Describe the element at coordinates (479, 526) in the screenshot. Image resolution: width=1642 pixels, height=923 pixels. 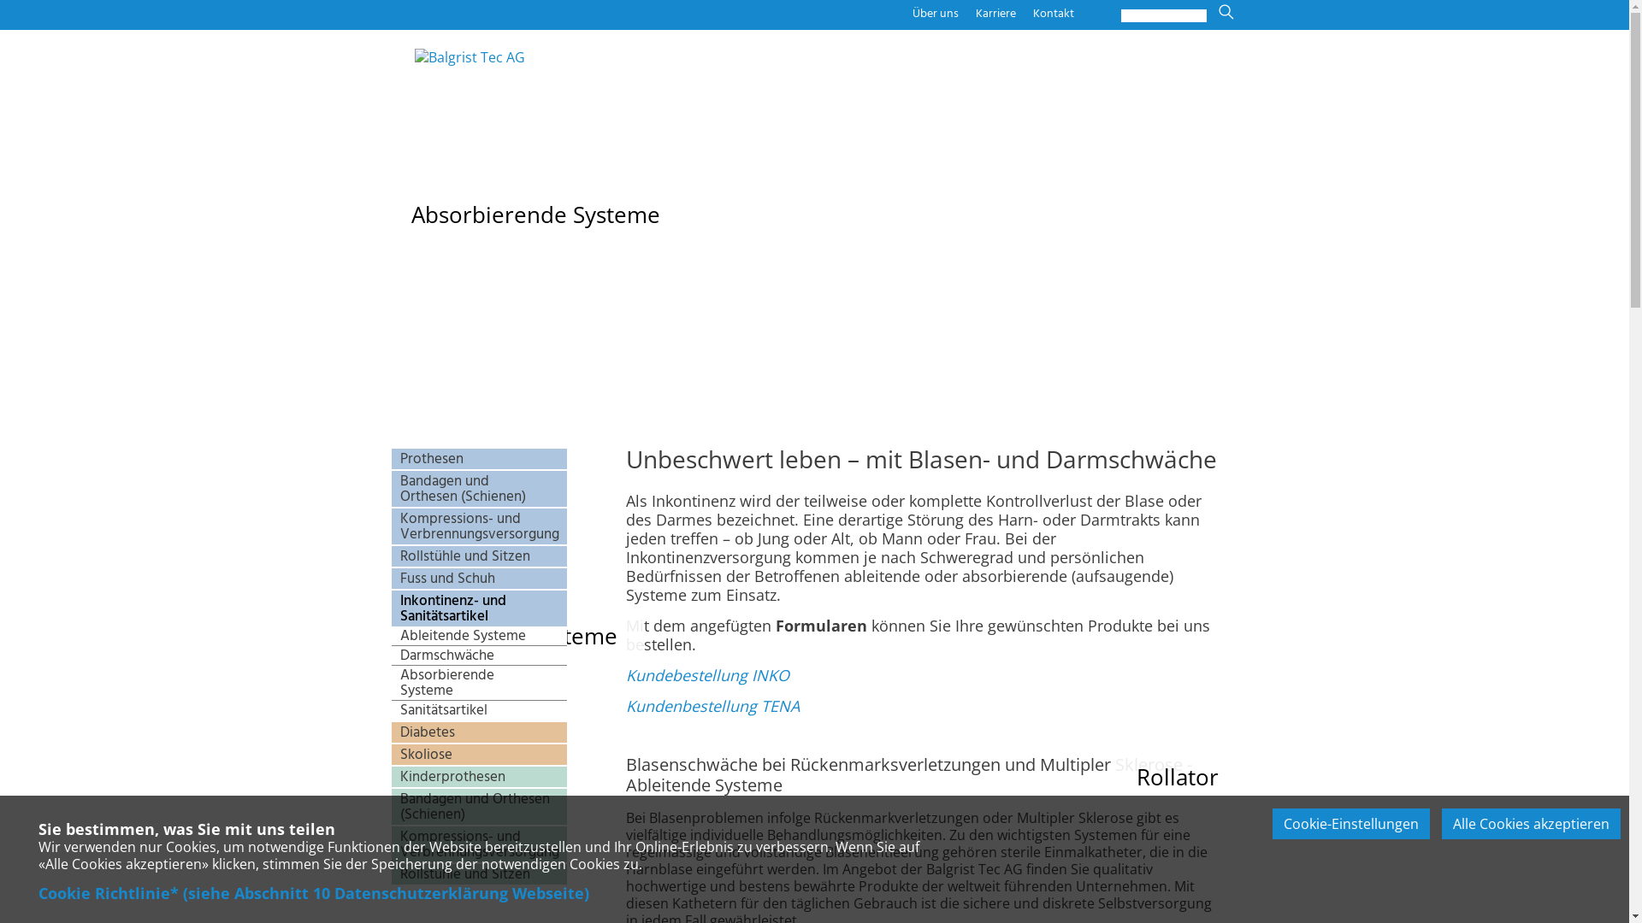
I see `'Kompressions- und` at that location.